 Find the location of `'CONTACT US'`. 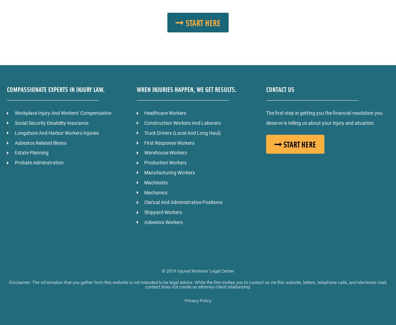

'CONTACT US' is located at coordinates (280, 89).